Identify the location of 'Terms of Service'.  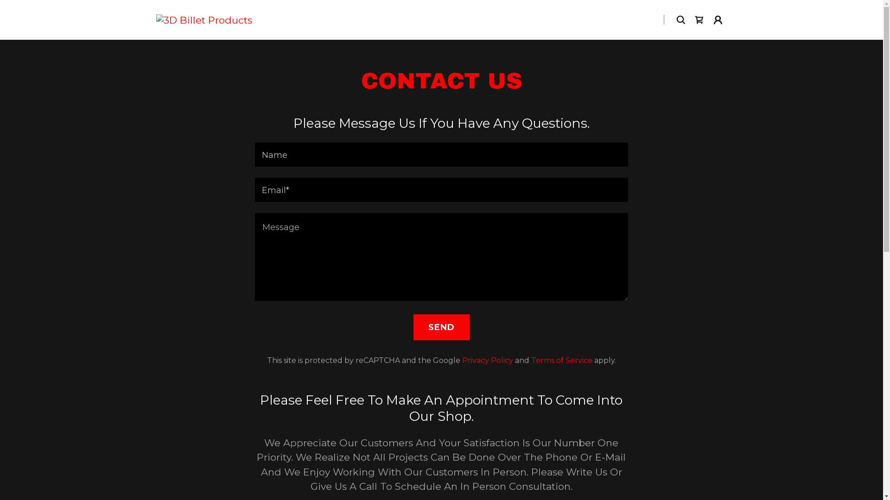
(561, 360).